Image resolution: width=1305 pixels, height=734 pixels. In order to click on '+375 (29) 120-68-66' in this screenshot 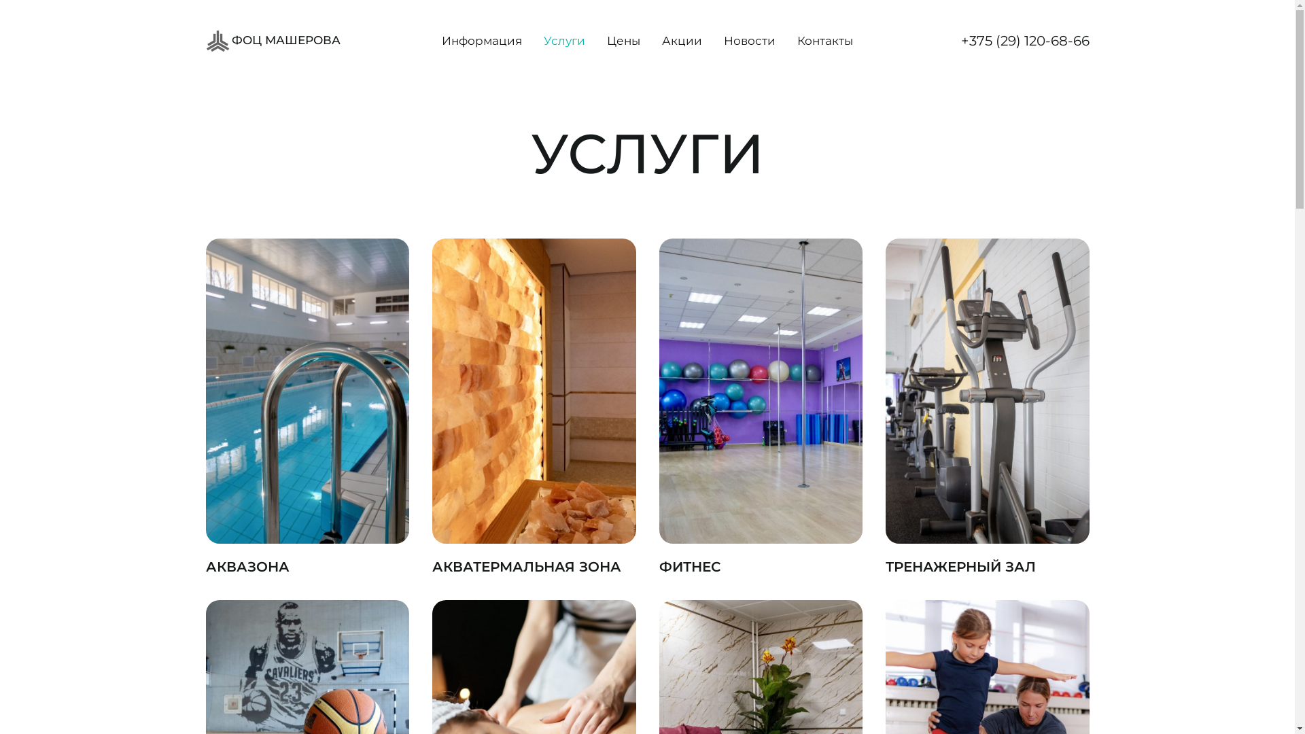, I will do `click(1025, 40)`.